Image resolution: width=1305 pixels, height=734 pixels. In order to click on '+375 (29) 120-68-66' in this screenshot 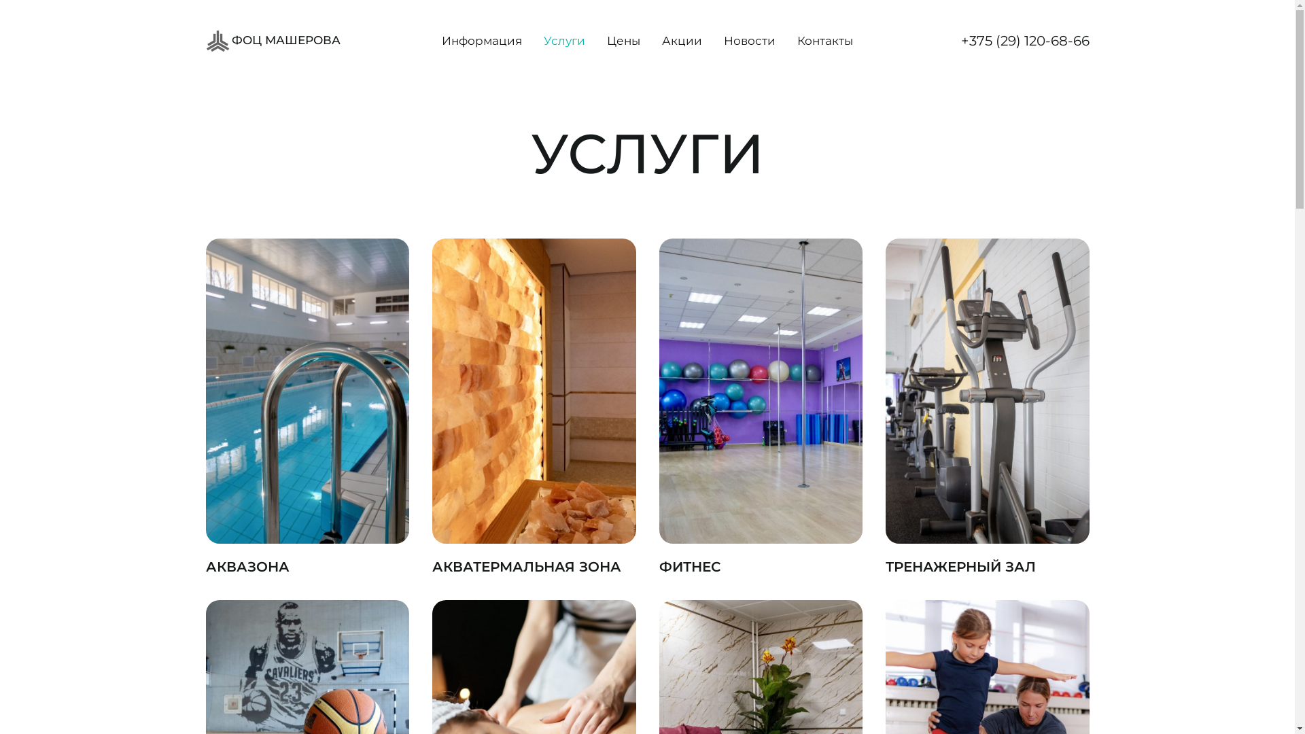, I will do `click(1025, 40)`.